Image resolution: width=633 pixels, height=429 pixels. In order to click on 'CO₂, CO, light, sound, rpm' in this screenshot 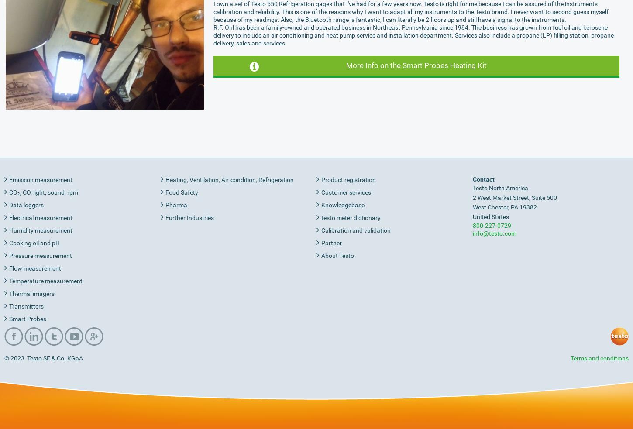, I will do `click(44, 191)`.